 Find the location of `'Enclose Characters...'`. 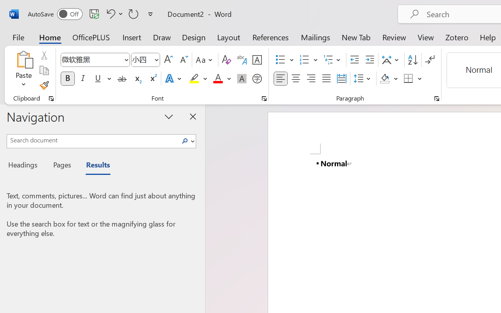

'Enclose Characters...' is located at coordinates (257, 79).